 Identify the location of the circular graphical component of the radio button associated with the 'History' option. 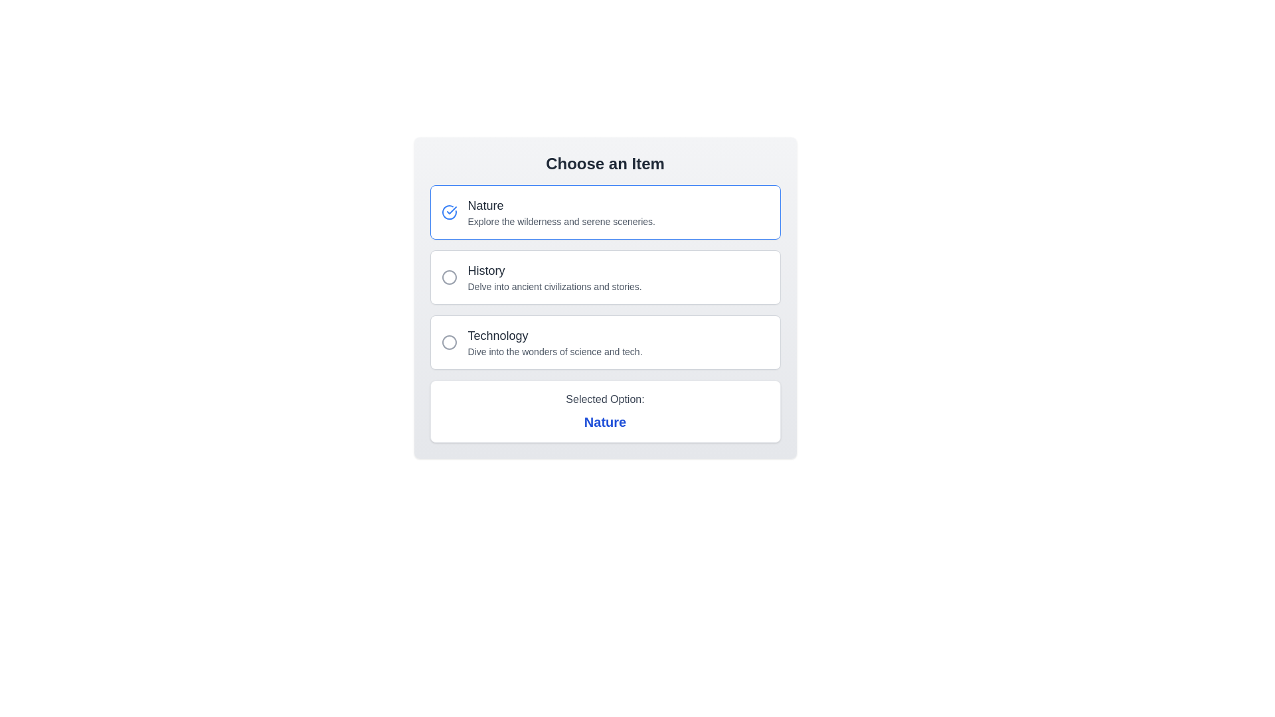
(449, 276).